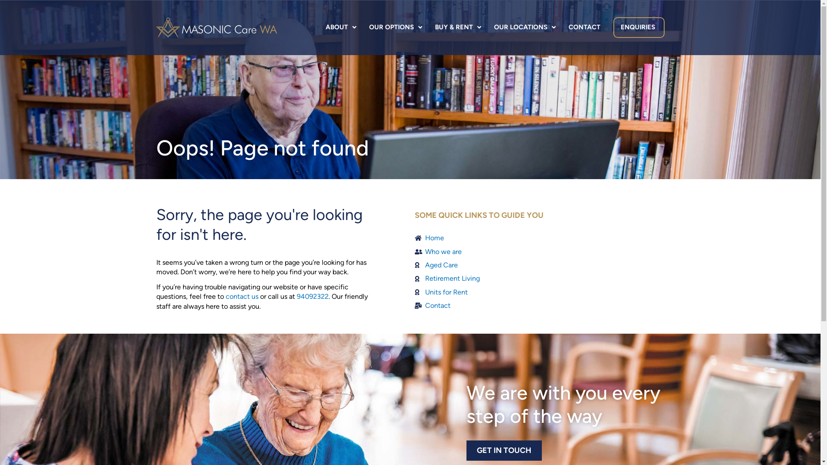 The height and width of the screenshot is (465, 827). Describe the element at coordinates (504, 450) in the screenshot. I see `'GET IN TOUCH'` at that location.